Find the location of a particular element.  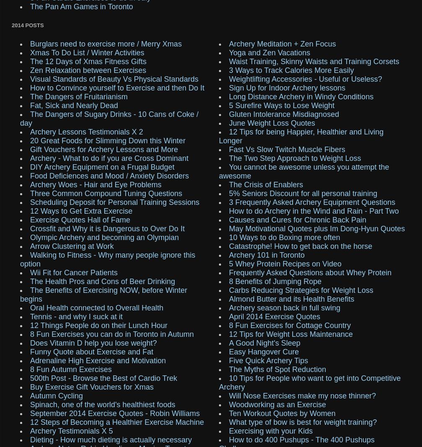

'Gift Vouchers for Archery Lessons and More' is located at coordinates (104, 149).